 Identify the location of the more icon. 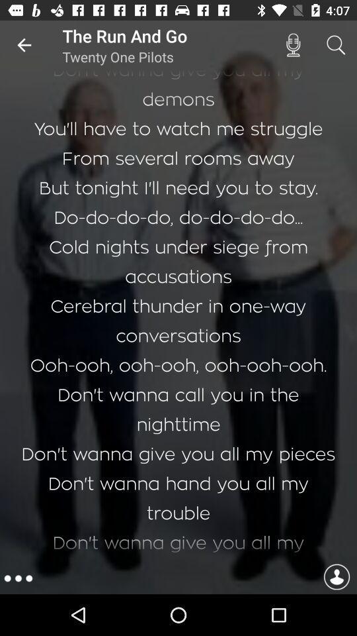
(17, 578).